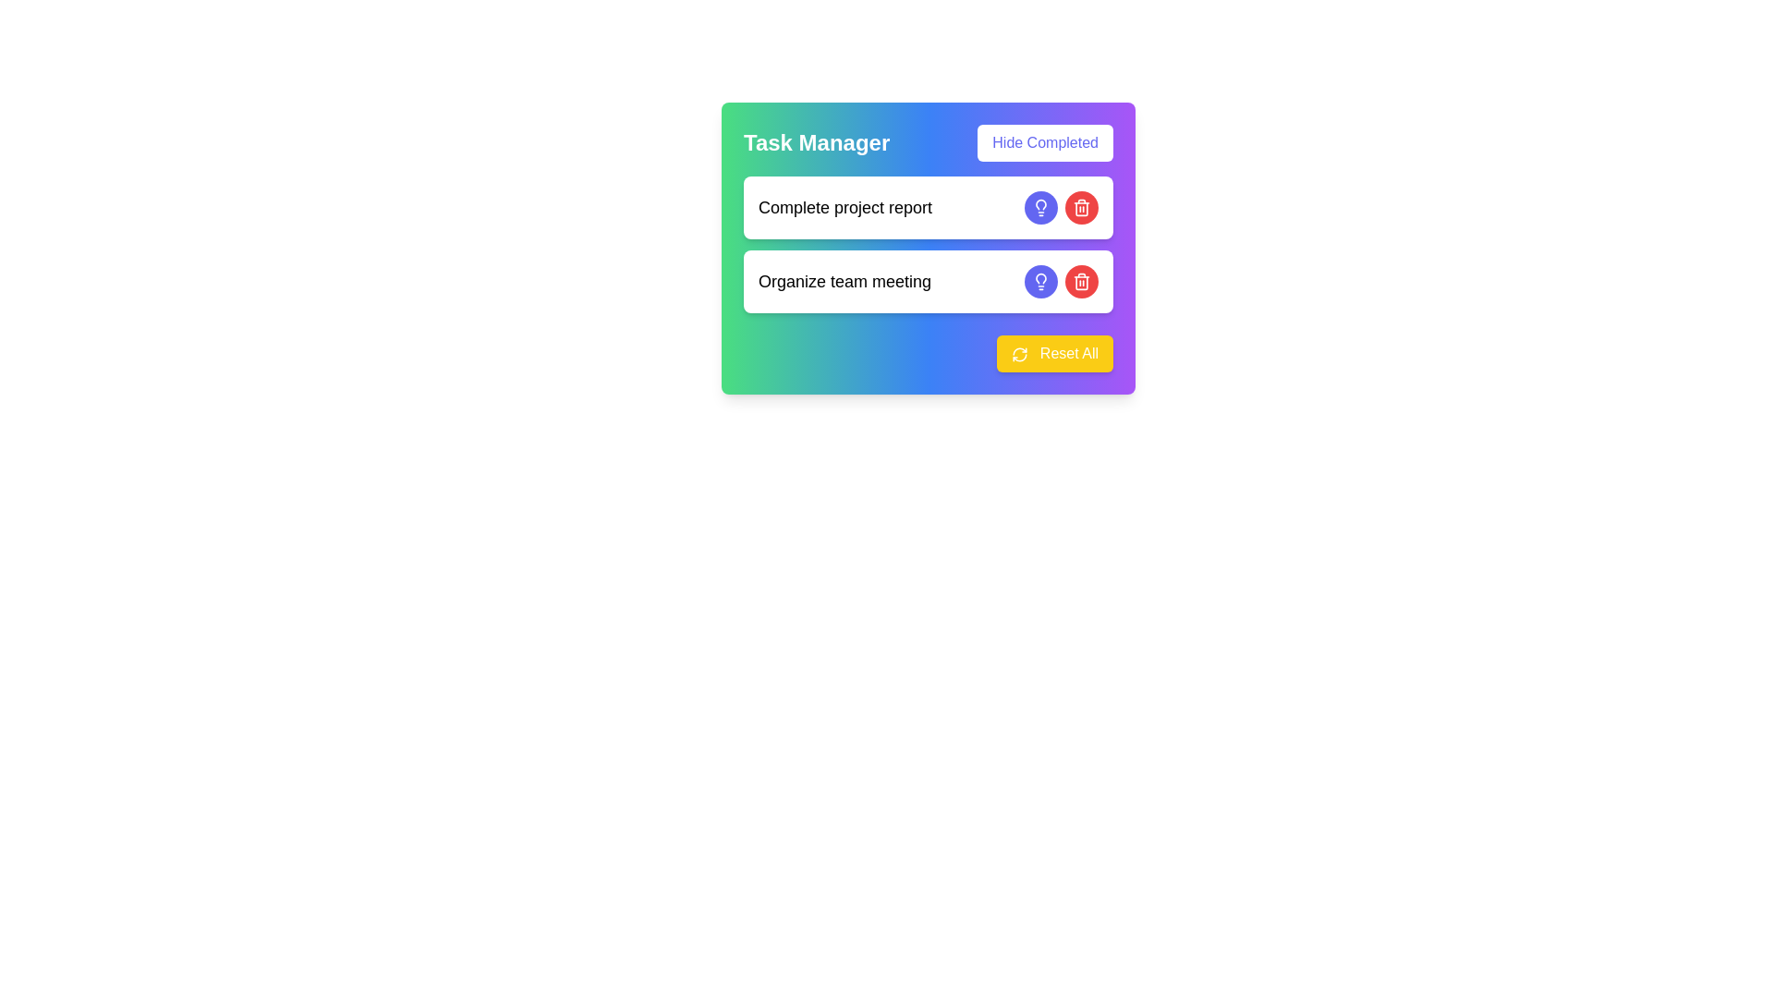  I want to click on the red trash bin button located at the end of the first task row in the task manager interface, so click(1082, 207).